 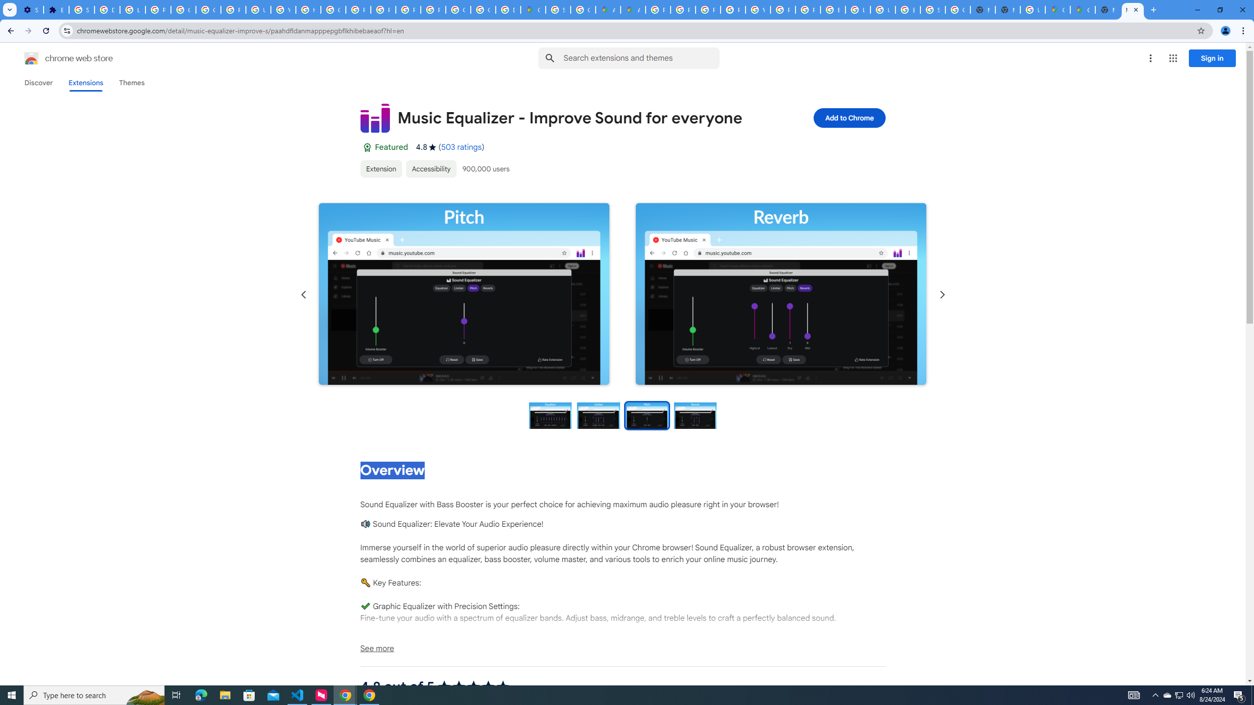 What do you see at coordinates (549, 415) in the screenshot?
I see `'Preview slide 1'` at bounding box center [549, 415].